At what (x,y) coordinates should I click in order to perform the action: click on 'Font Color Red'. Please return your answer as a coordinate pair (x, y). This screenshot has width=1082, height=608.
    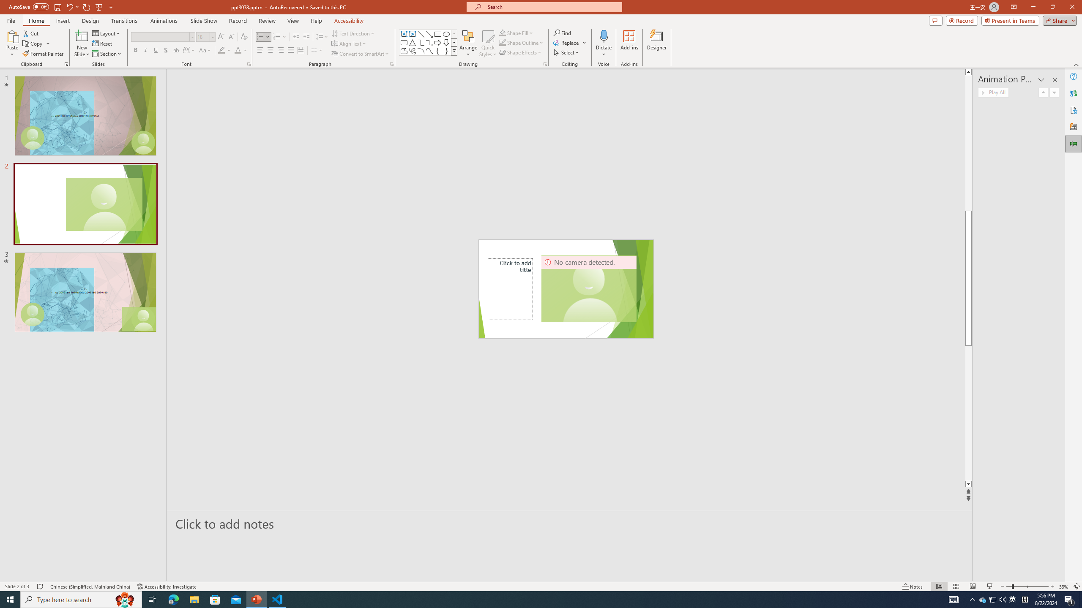
    Looking at the image, I should click on (238, 50).